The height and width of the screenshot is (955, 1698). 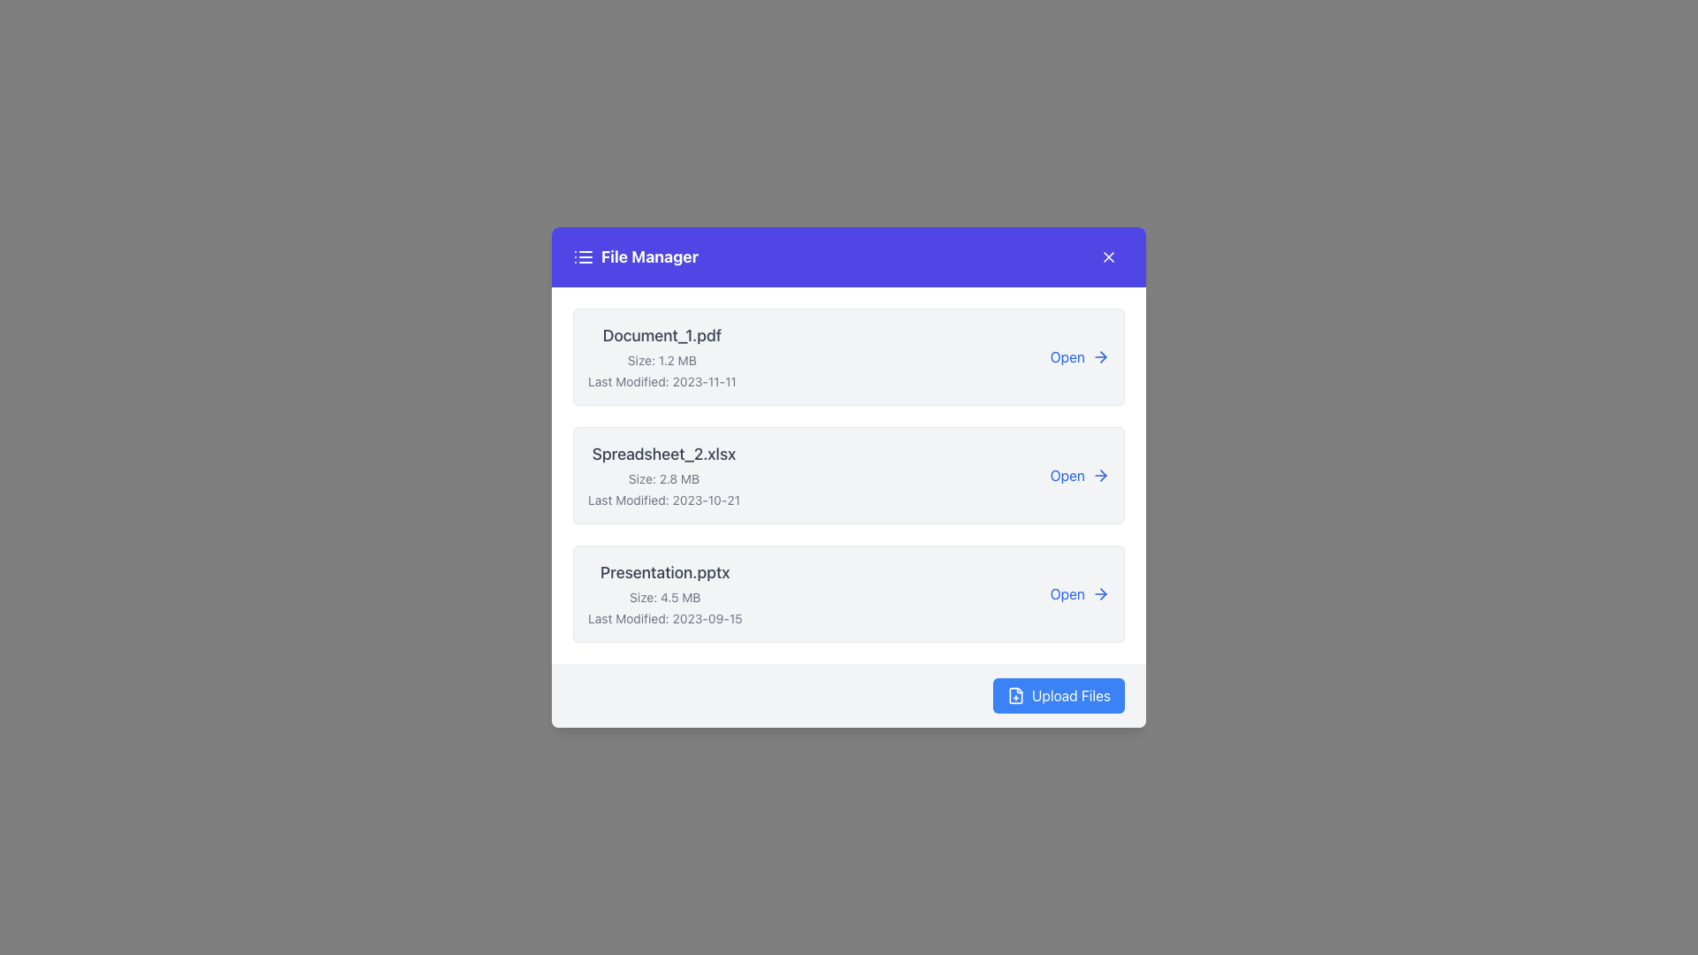 What do you see at coordinates (1015, 694) in the screenshot?
I see `the 'Upload Files' button, which has a blue background and is located in the bottom right of the modal dialog` at bounding box center [1015, 694].